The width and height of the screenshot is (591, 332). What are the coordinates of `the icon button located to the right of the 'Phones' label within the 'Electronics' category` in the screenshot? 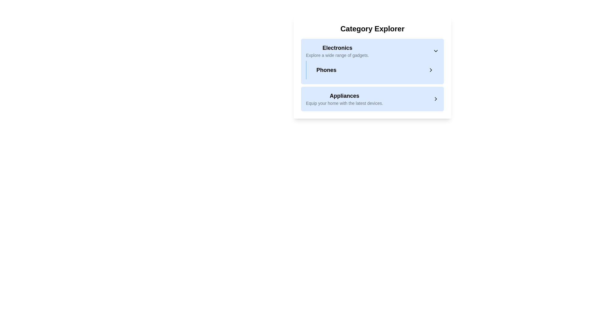 It's located at (431, 69).